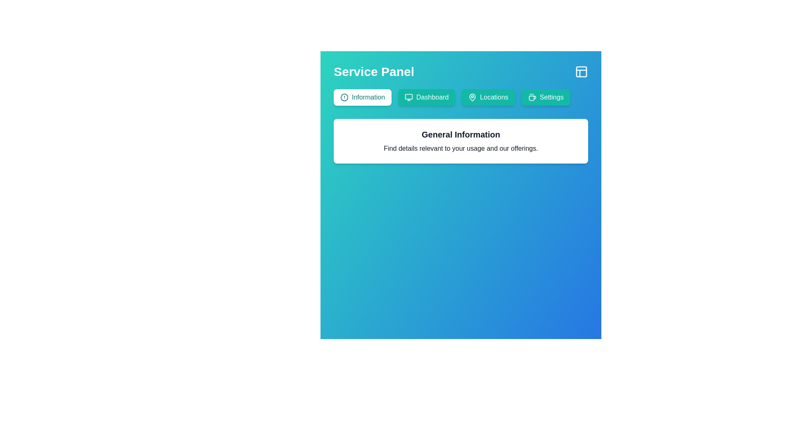 This screenshot has height=446, width=793. I want to click on the button in the horizontal navigation bar located below the 'Service Panel' header, so click(461, 97).